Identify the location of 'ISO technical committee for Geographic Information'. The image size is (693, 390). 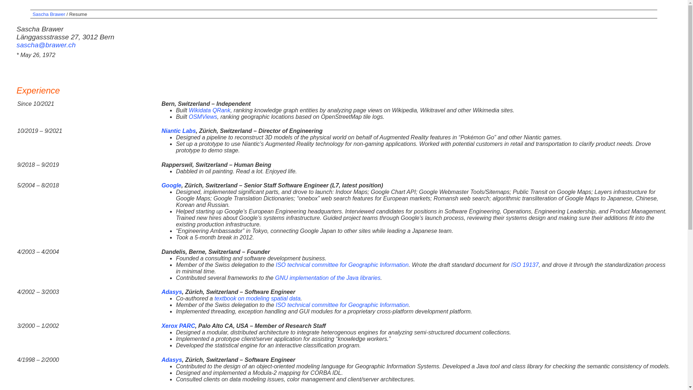
(342, 305).